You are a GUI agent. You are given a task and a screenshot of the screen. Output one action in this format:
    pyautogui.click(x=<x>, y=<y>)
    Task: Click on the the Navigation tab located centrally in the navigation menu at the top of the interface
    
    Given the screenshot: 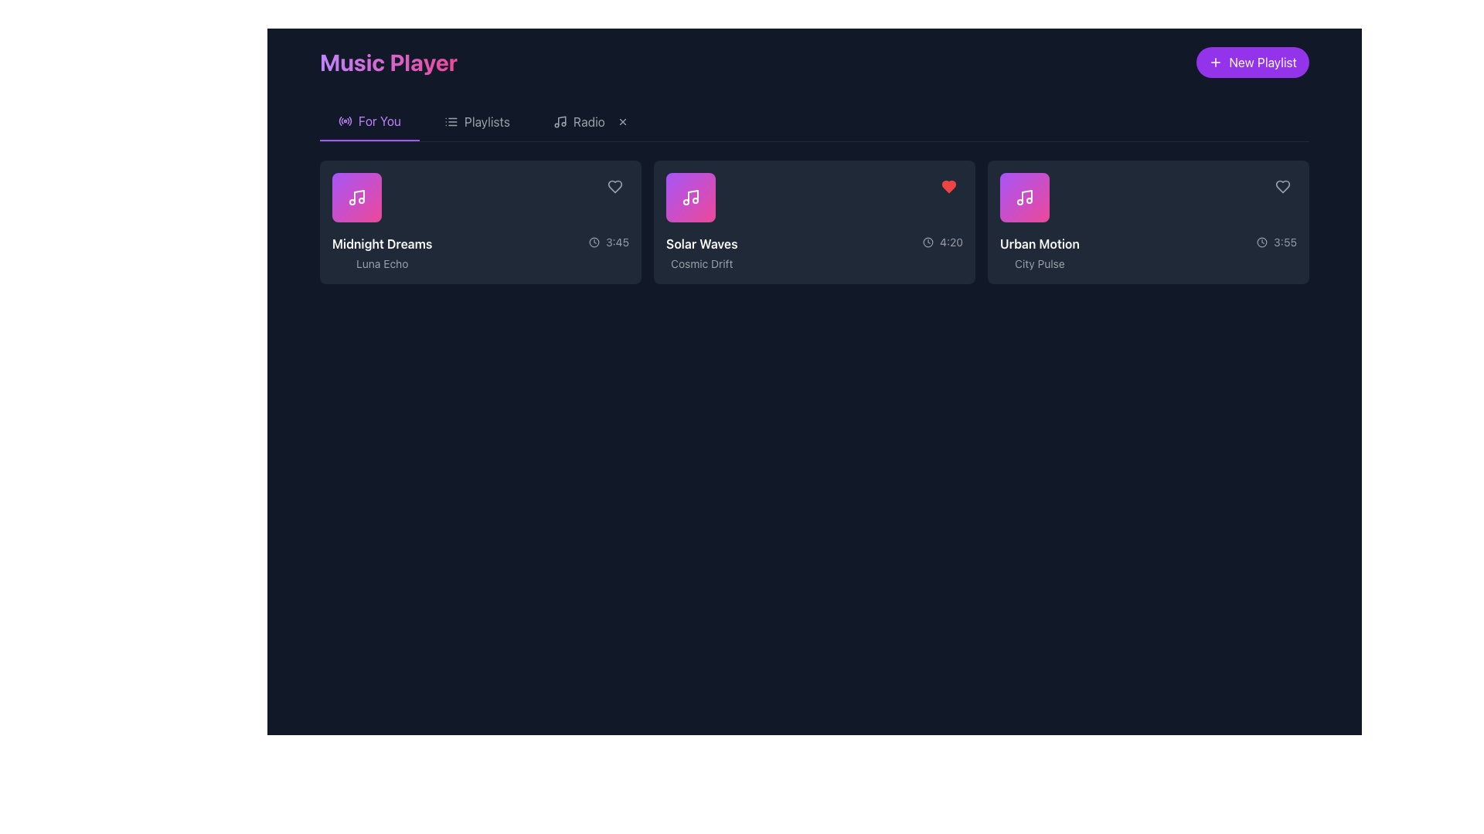 What is the action you would take?
    pyautogui.click(x=476, y=121)
    